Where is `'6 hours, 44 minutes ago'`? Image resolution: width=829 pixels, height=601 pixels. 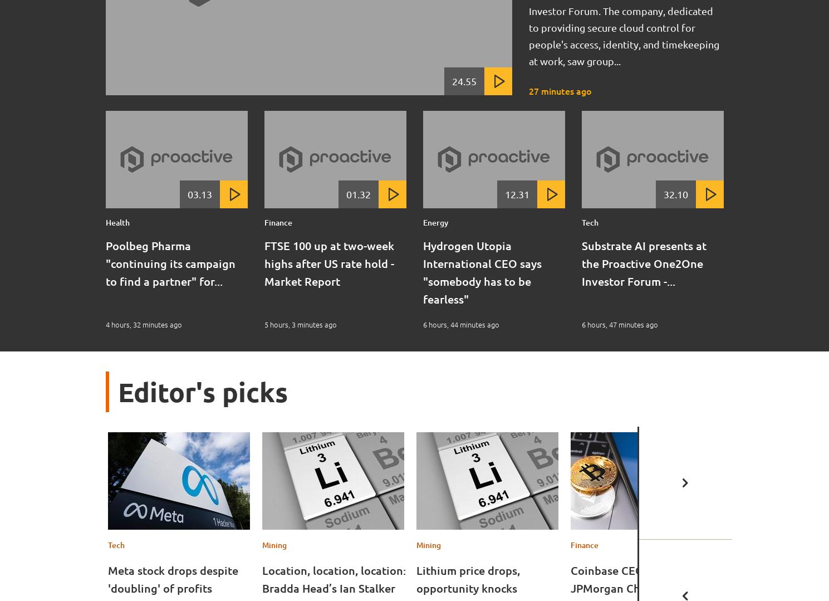
'6 hours, 44 minutes ago' is located at coordinates (460, 324).